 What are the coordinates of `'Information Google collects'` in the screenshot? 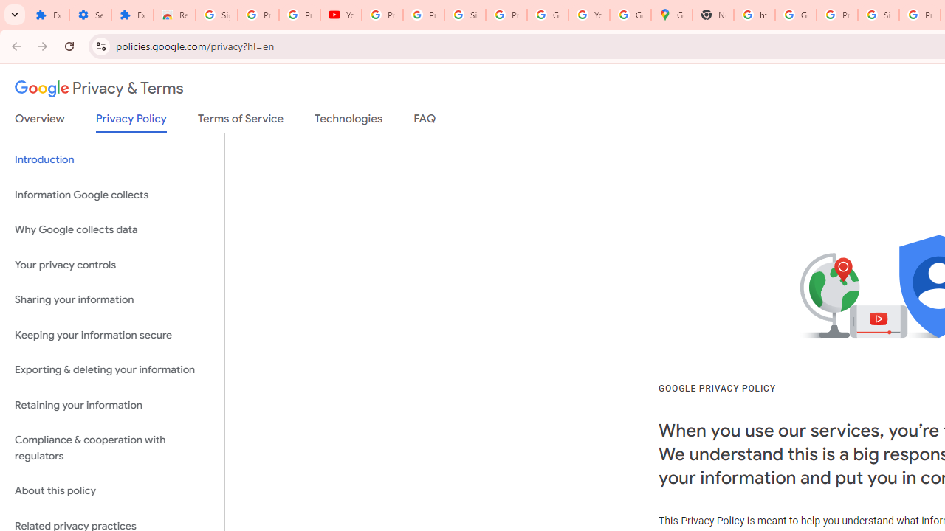 It's located at (111, 194).